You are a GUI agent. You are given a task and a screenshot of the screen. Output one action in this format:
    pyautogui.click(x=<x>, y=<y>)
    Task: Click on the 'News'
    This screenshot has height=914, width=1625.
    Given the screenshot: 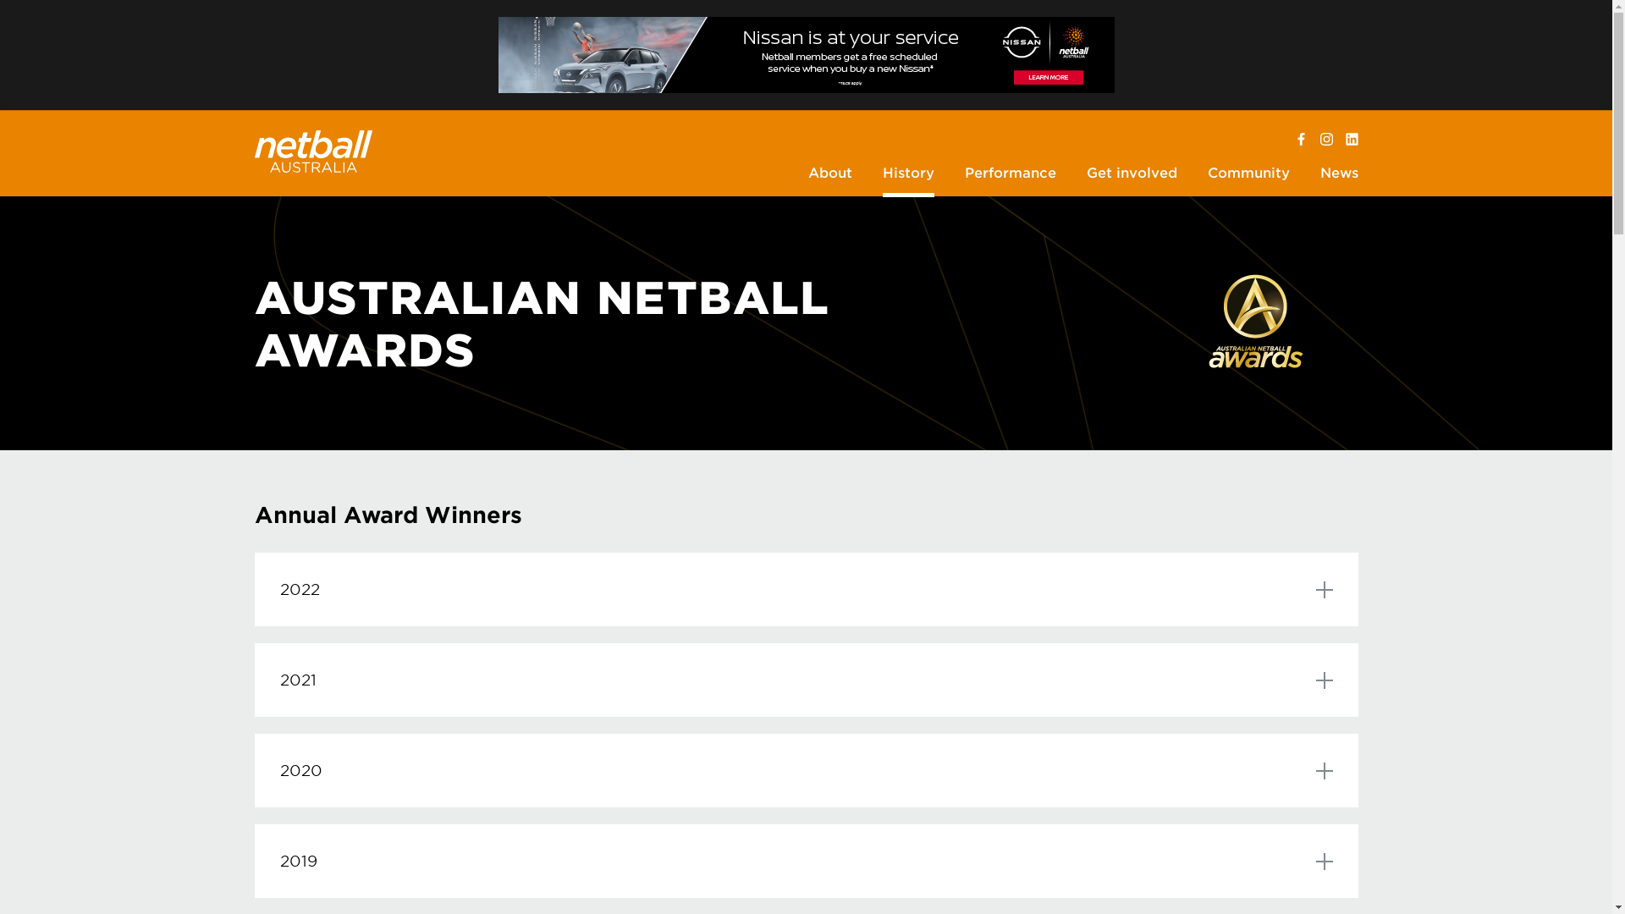 What is the action you would take?
    pyautogui.click(x=1337, y=174)
    